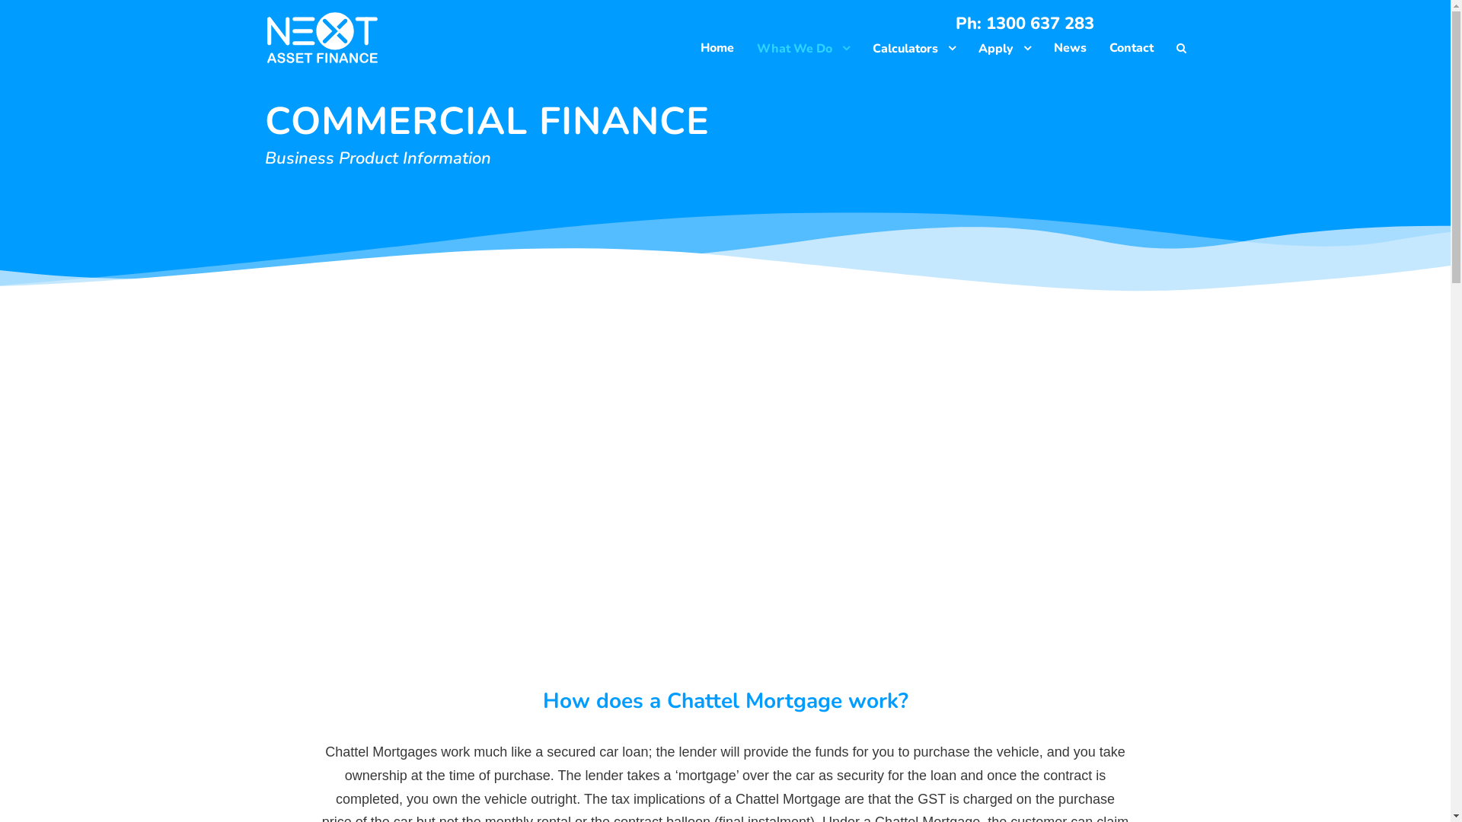 The height and width of the screenshot is (822, 1462). What do you see at coordinates (803, 52) in the screenshot?
I see `'What We Do'` at bounding box center [803, 52].